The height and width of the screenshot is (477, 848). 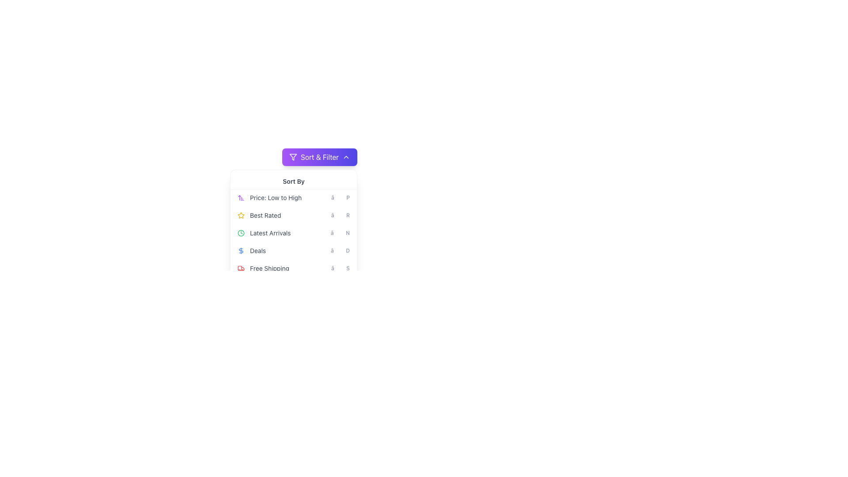 What do you see at coordinates (269, 268) in the screenshot?
I see `text content of the selectable option labeled 'Free Shipping' within the dropdown menu titled 'Sort By', located to the right of the truck icon and before the adjacent text label '⌘ S'` at bounding box center [269, 268].